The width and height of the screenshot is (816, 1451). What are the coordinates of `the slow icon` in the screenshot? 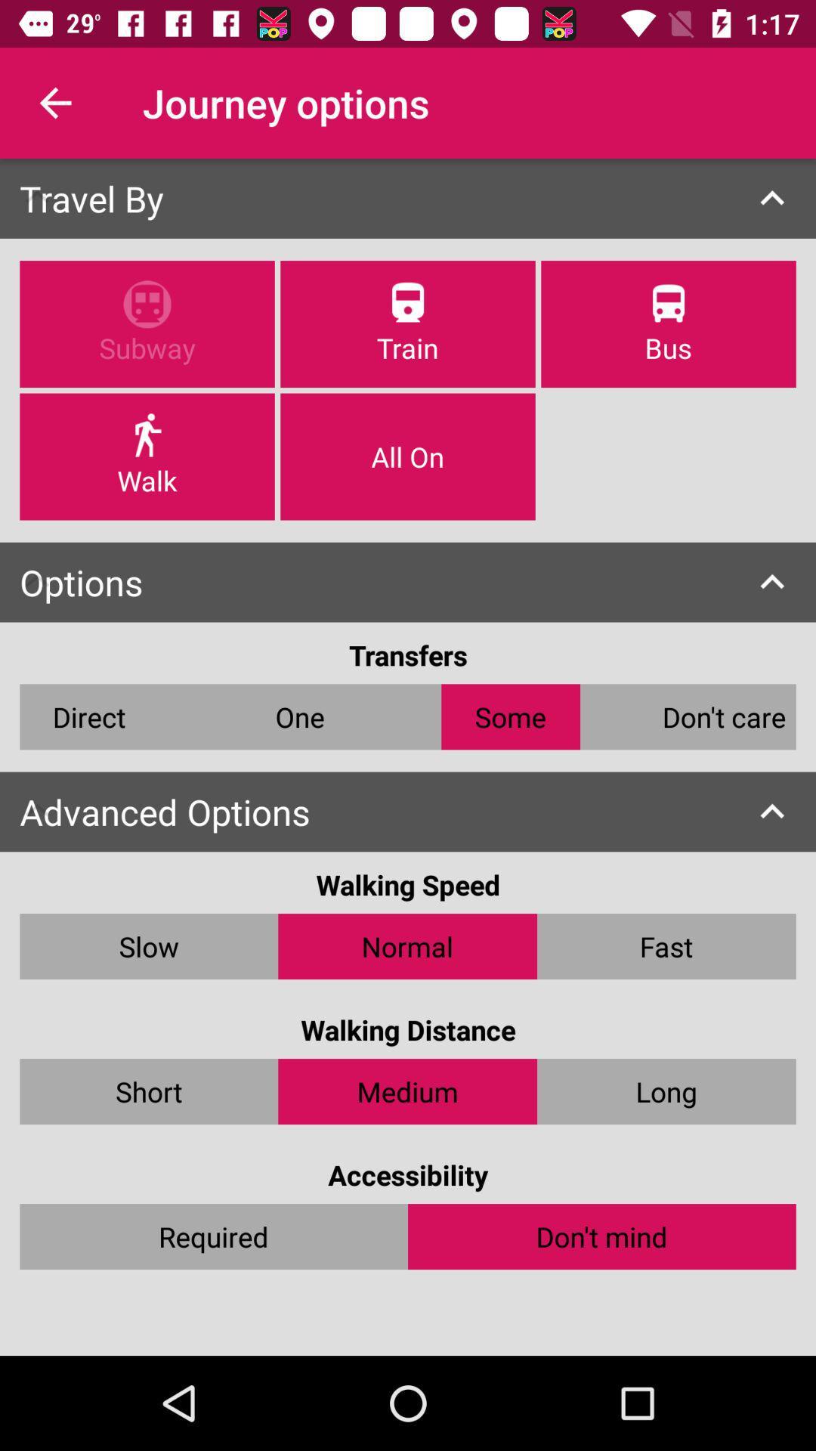 It's located at (149, 945).